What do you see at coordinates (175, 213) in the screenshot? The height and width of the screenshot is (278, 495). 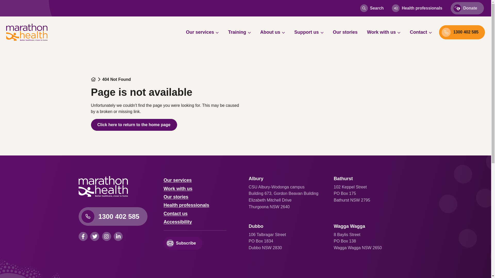 I see `'Contact us'` at bounding box center [175, 213].